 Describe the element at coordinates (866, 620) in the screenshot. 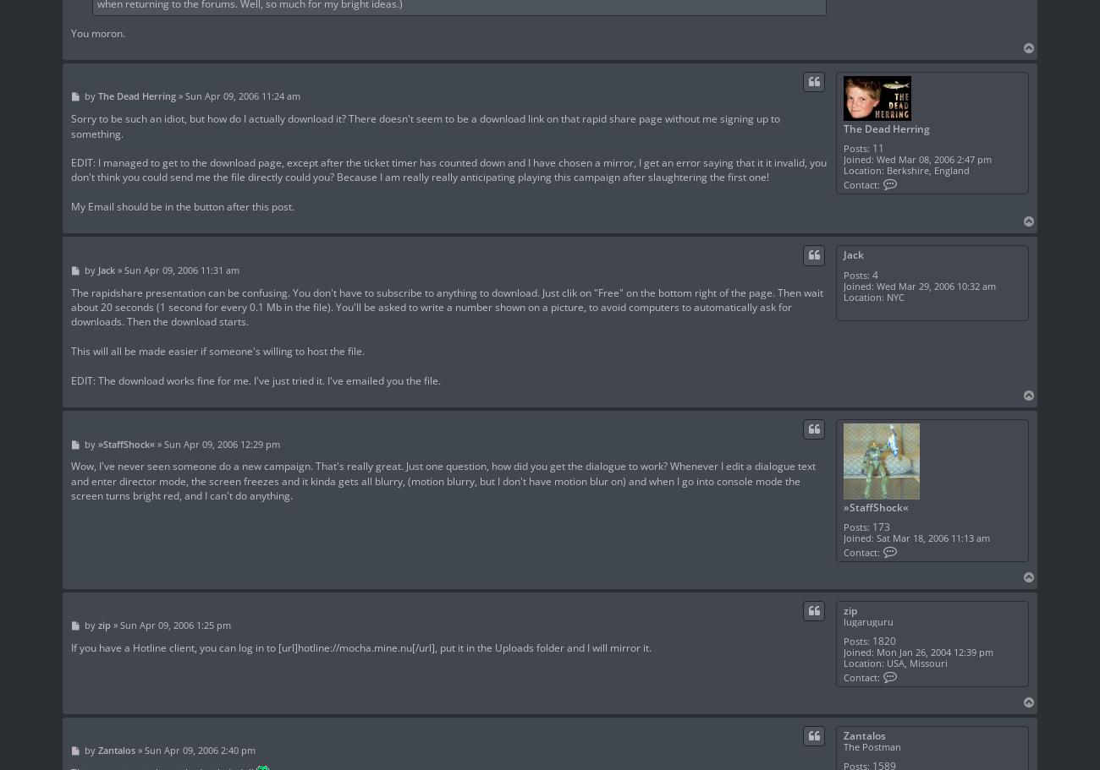

I see `'lugaruguru'` at that location.